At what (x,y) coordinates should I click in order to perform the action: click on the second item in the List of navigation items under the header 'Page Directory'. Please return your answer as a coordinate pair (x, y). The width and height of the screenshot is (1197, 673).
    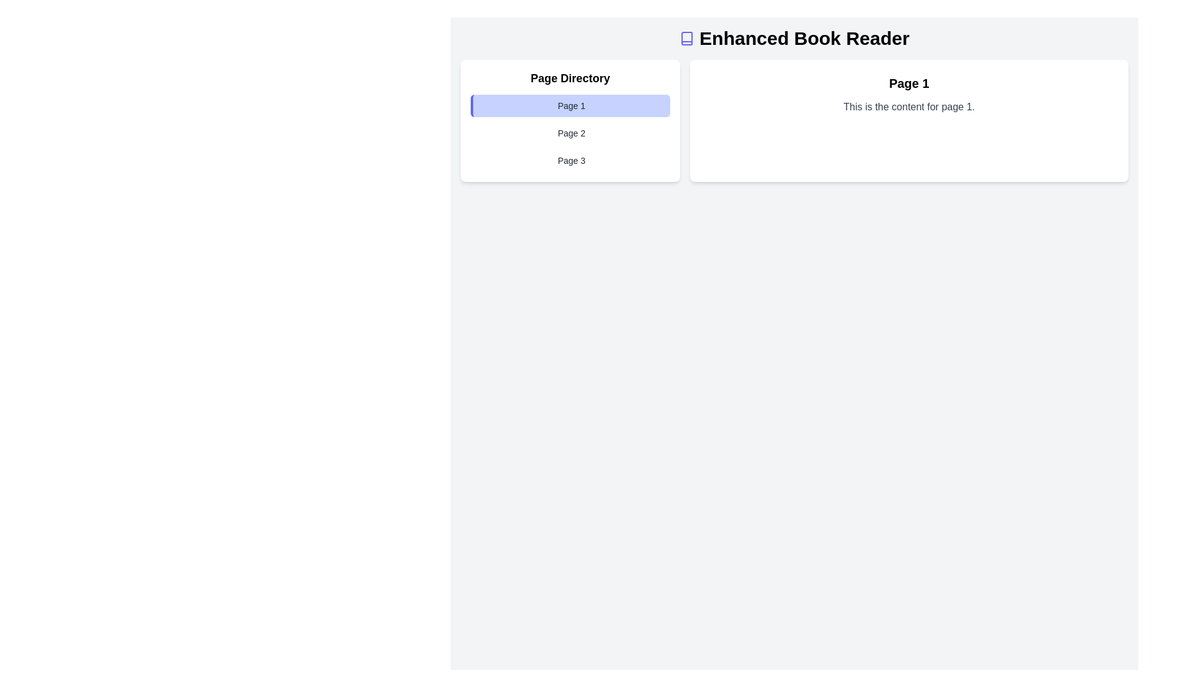
    Looking at the image, I should click on (569, 133).